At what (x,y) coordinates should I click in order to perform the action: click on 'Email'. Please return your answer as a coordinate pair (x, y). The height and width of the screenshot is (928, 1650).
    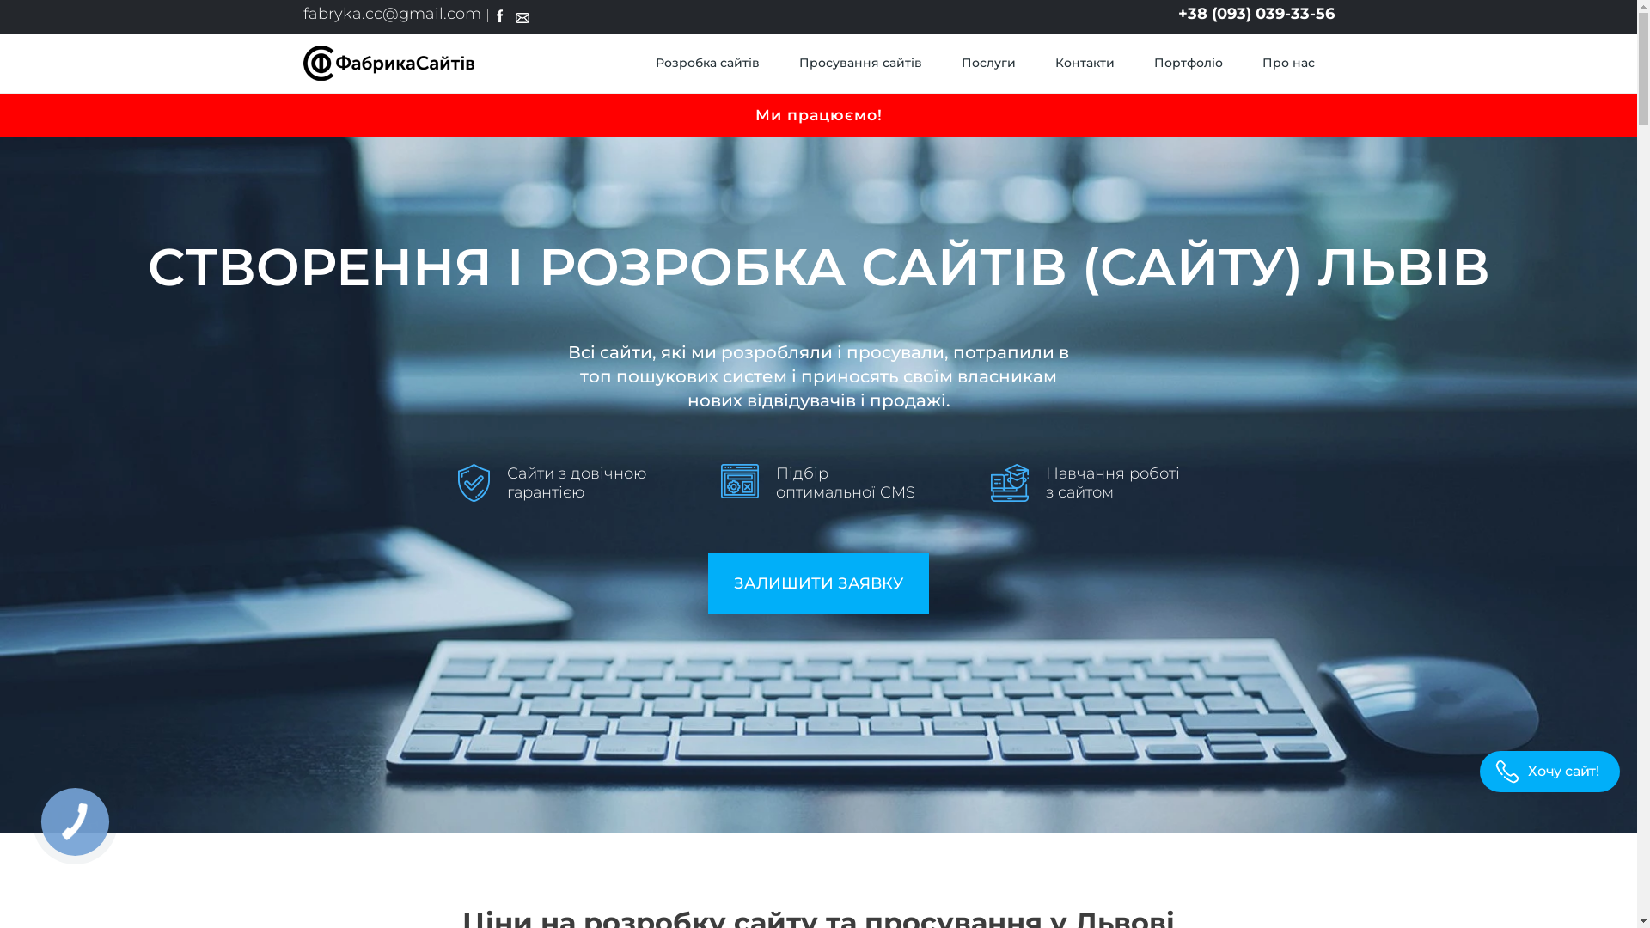
    Looking at the image, I should click on (522, 17).